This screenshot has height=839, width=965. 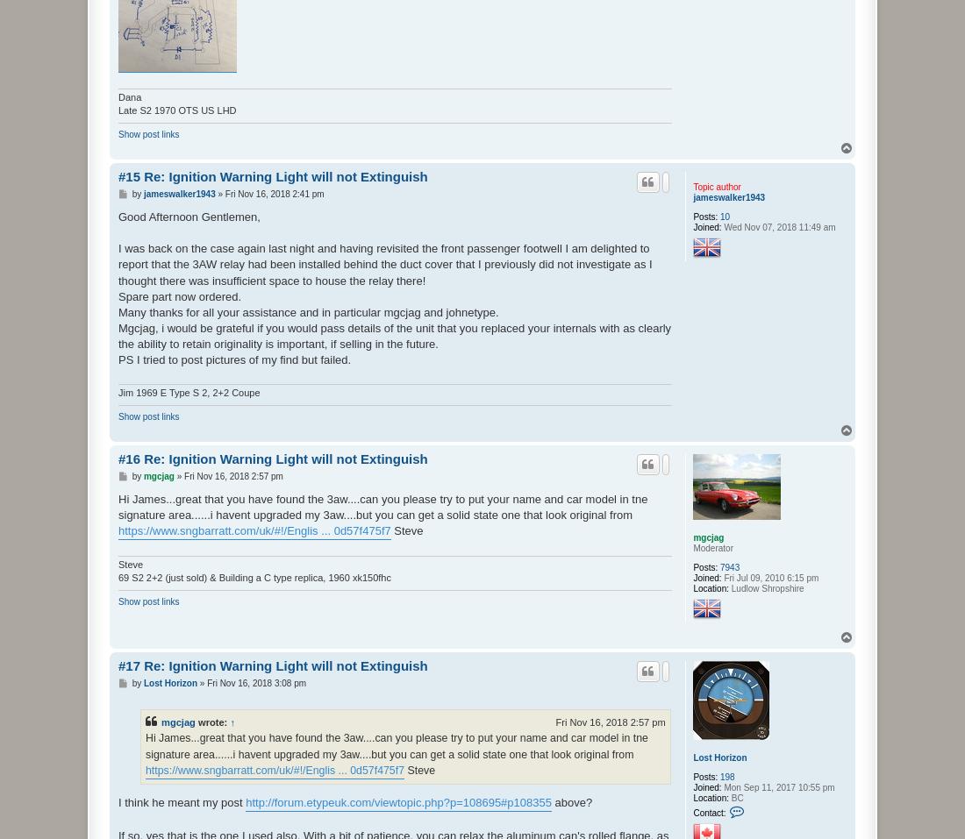 What do you see at coordinates (255, 681) in the screenshot?
I see `'Fri Nov 16, 2018 3:08 pm'` at bounding box center [255, 681].